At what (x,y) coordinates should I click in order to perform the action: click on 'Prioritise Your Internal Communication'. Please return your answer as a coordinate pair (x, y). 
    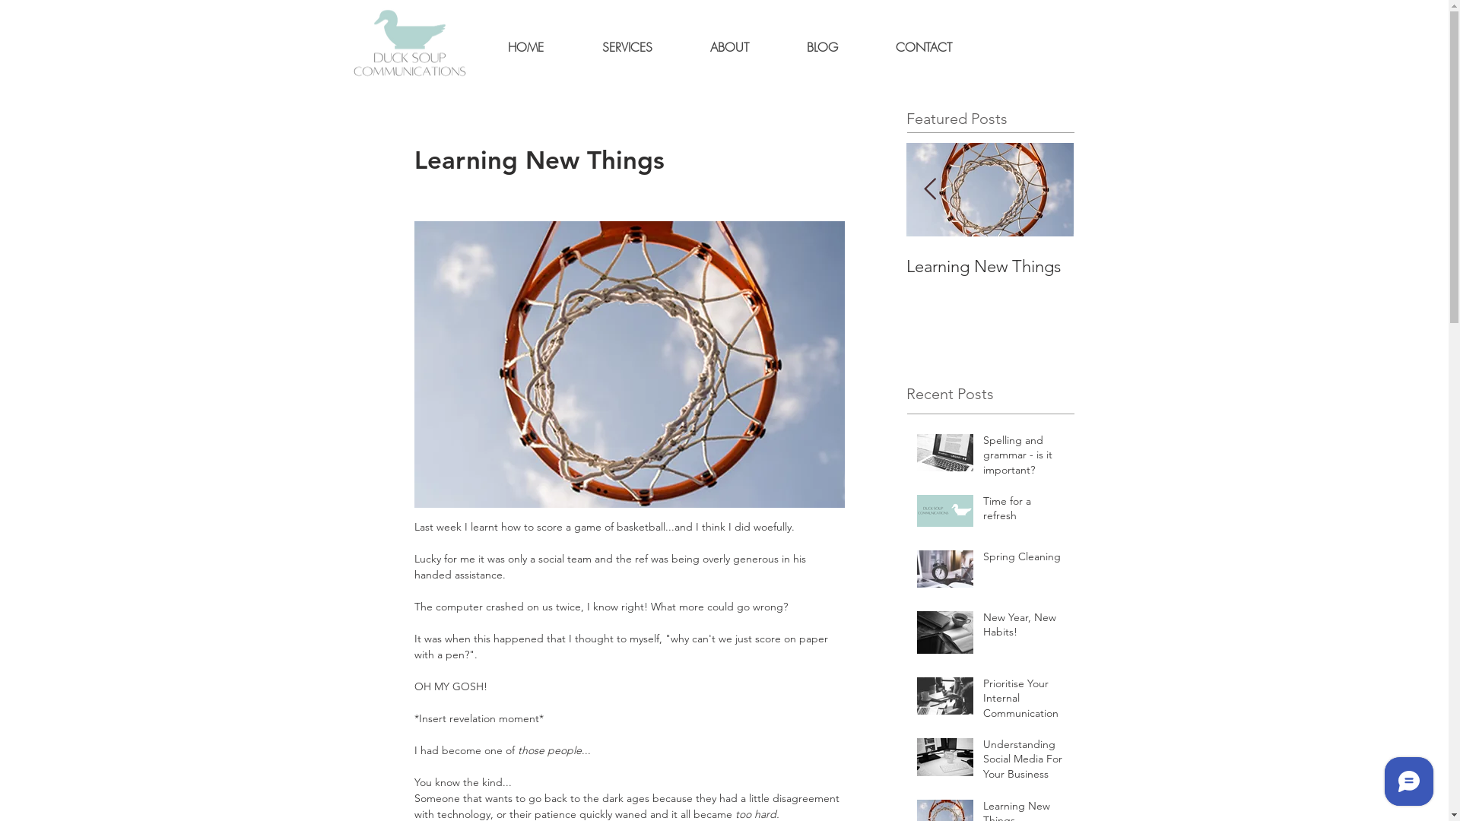
    Looking at the image, I should click on (1023, 702).